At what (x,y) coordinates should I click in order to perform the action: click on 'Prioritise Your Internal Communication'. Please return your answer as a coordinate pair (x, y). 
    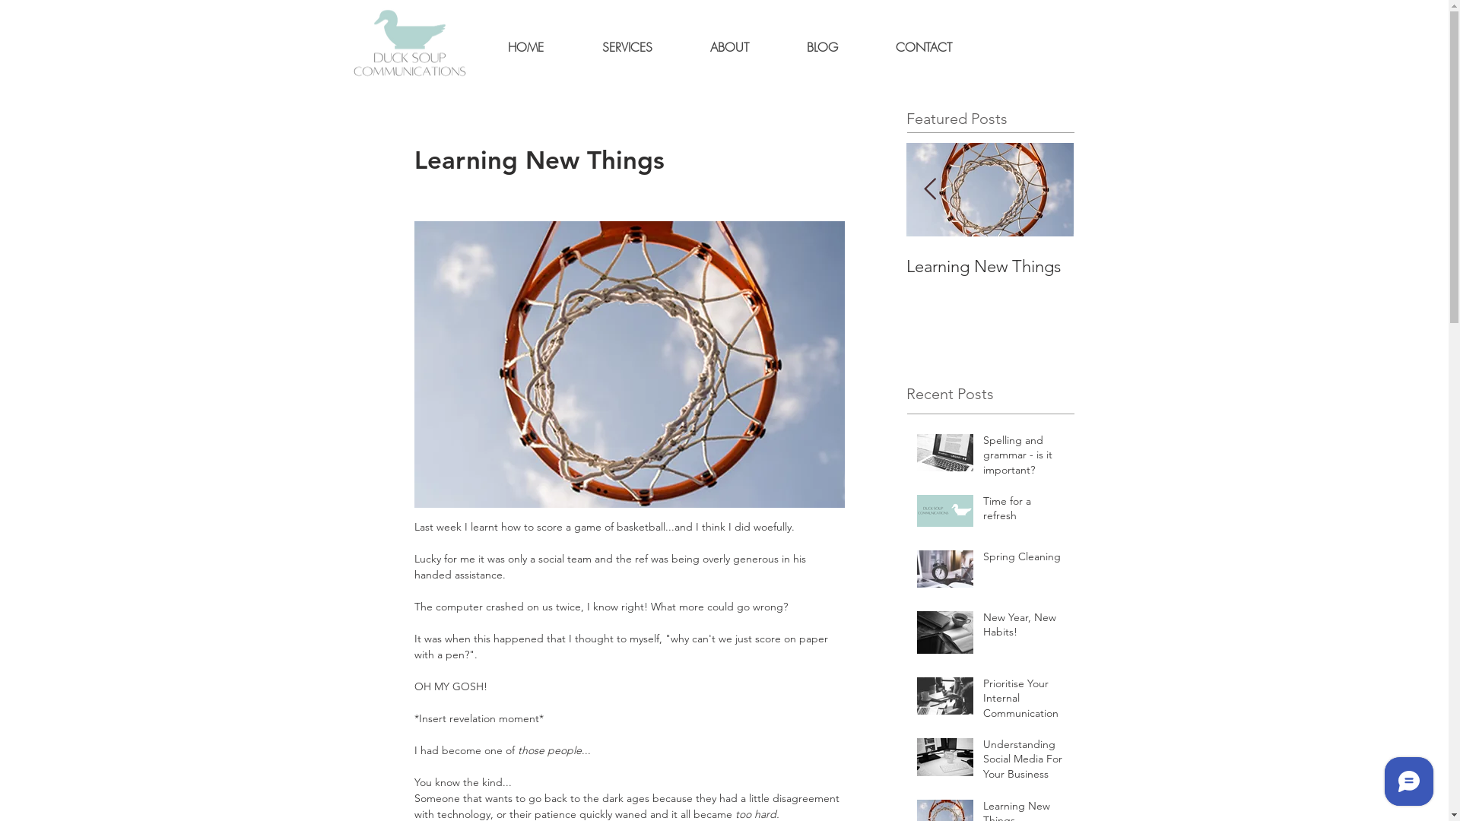
    Looking at the image, I should click on (1023, 702).